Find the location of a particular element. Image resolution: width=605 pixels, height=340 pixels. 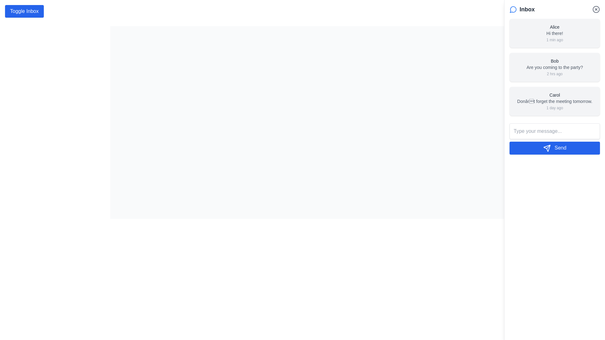

the Message preview panel for 'Alice' is located at coordinates (555, 33).